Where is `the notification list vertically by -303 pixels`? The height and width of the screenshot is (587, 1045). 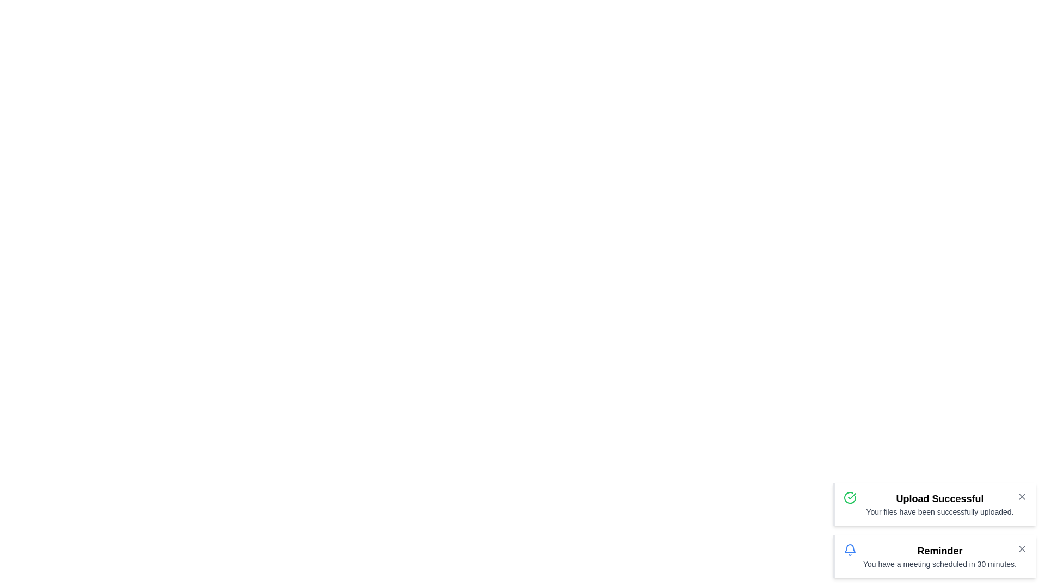 the notification list vertically by -303 pixels is located at coordinates (933, 529).